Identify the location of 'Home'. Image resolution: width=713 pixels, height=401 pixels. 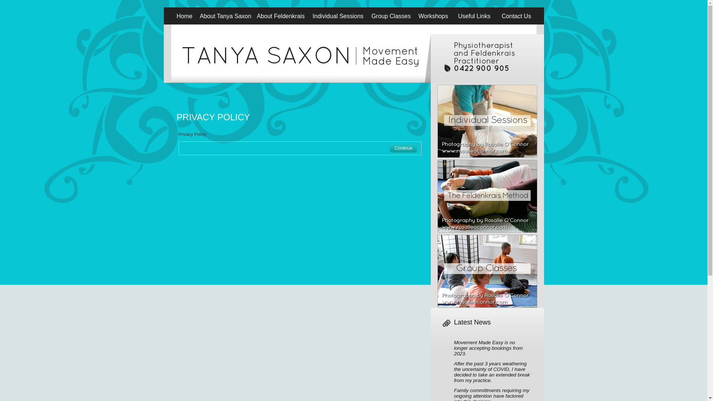
(184, 23).